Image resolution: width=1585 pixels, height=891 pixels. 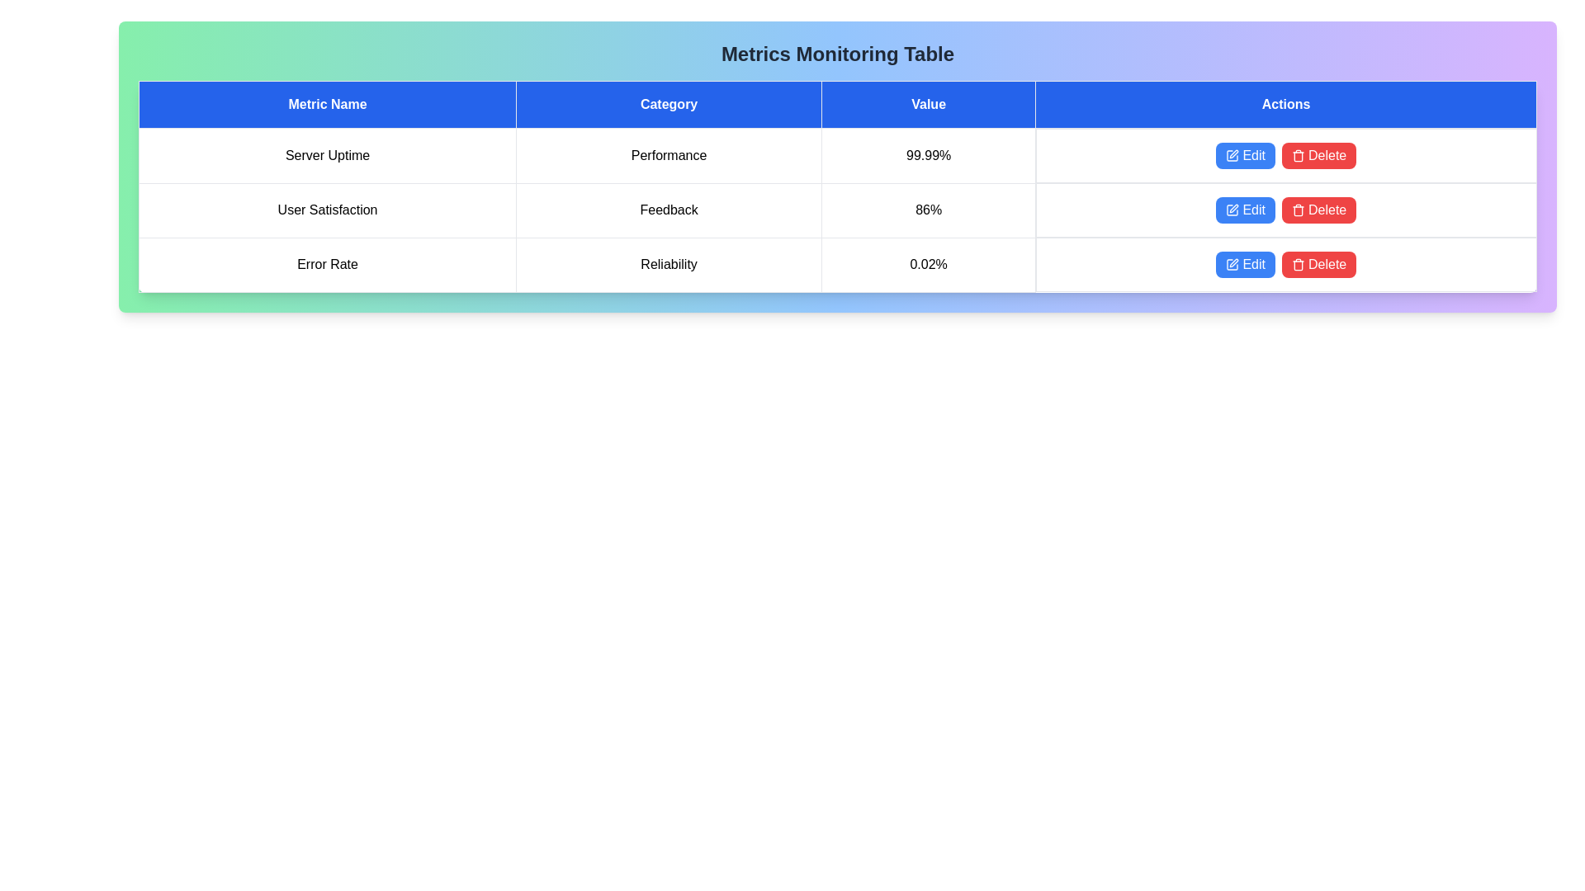 I want to click on the 'Edit' button for the metric User Satisfaction, so click(x=1245, y=209).